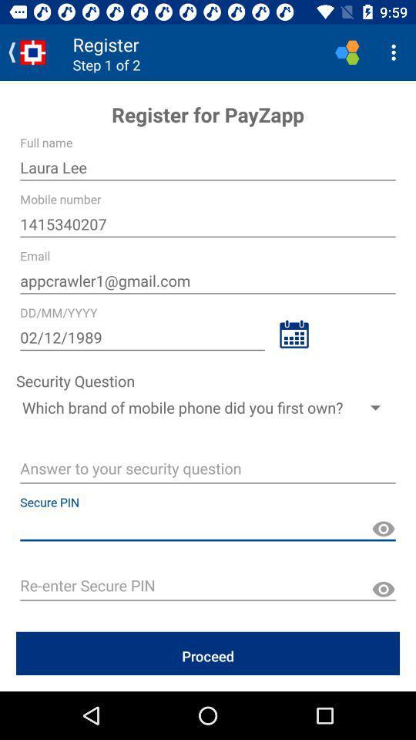 Image resolution: width=416 pixels, height=740 pixels. I want to click on calendar, so click(294, 334).